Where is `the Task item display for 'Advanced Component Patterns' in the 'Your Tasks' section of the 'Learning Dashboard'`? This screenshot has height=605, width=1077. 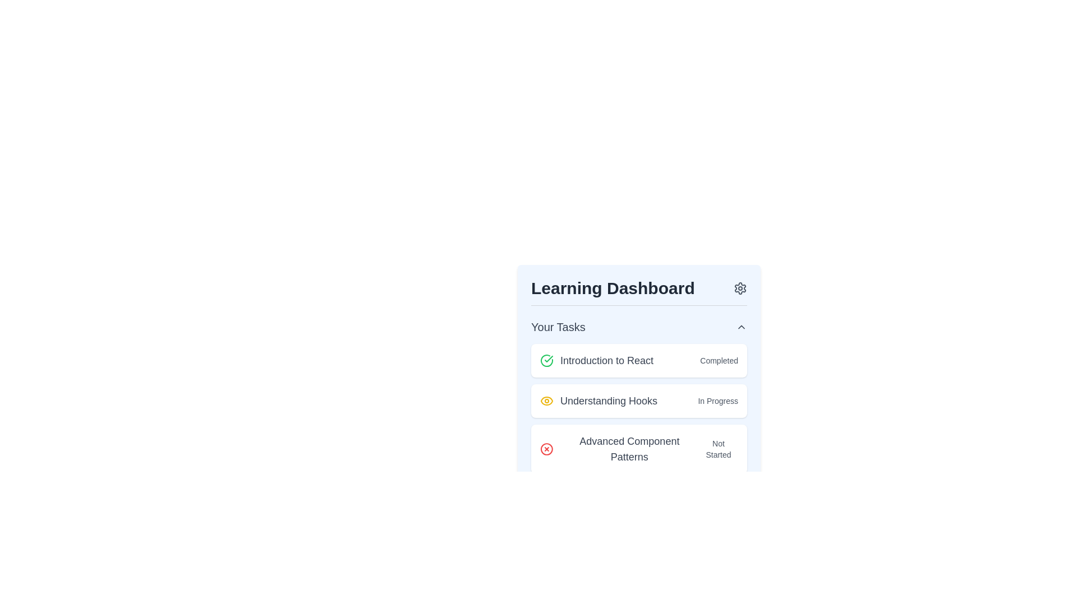 the Task item display for 'Advanced Component Patterns' in the 'Your Tasks' section of the 'Learning Dashboard' is located at coordinates (619, 449).